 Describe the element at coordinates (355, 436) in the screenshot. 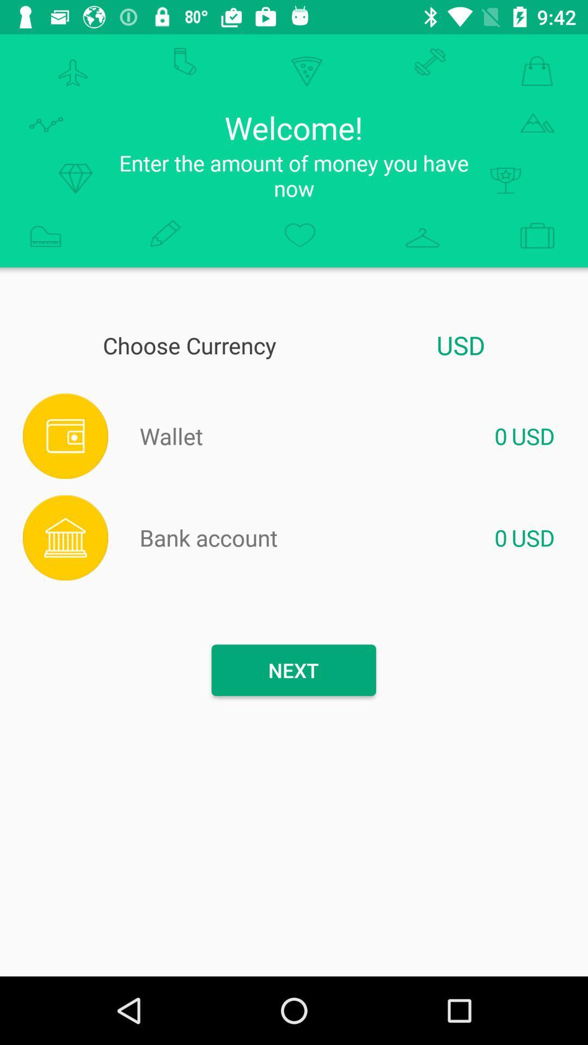

I see `amount` at that location.